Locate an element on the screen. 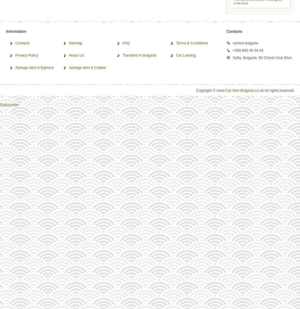 The height and width of the screenshot is (309, 300). 'Information' is located at coordinates (16, 31).